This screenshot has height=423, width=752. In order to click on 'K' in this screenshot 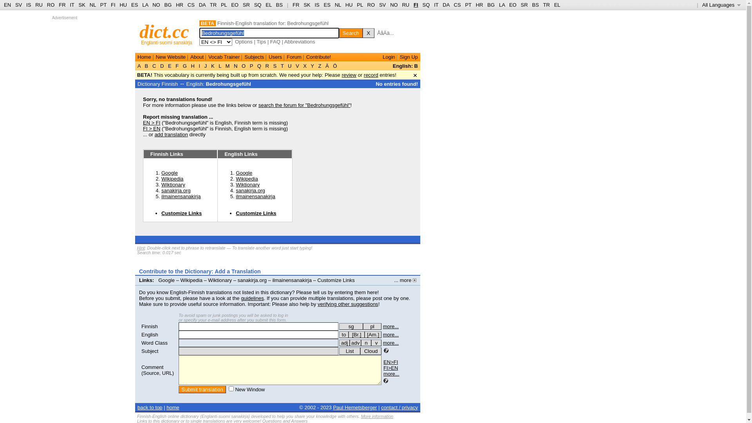, I will do `click(212, 65)`.